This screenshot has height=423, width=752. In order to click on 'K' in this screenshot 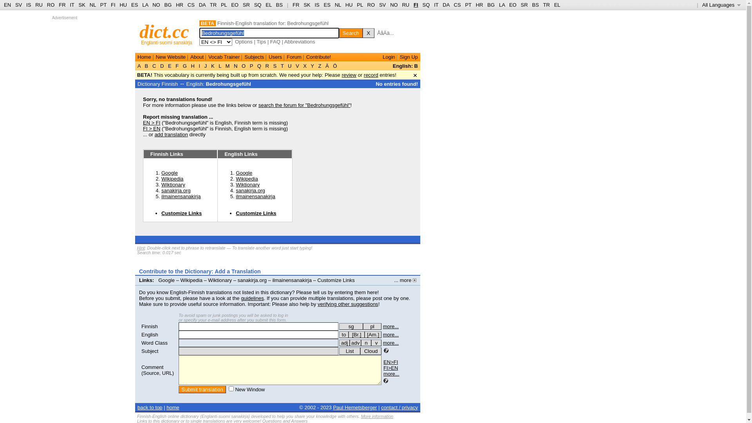, I will do `click(212, 65)`.